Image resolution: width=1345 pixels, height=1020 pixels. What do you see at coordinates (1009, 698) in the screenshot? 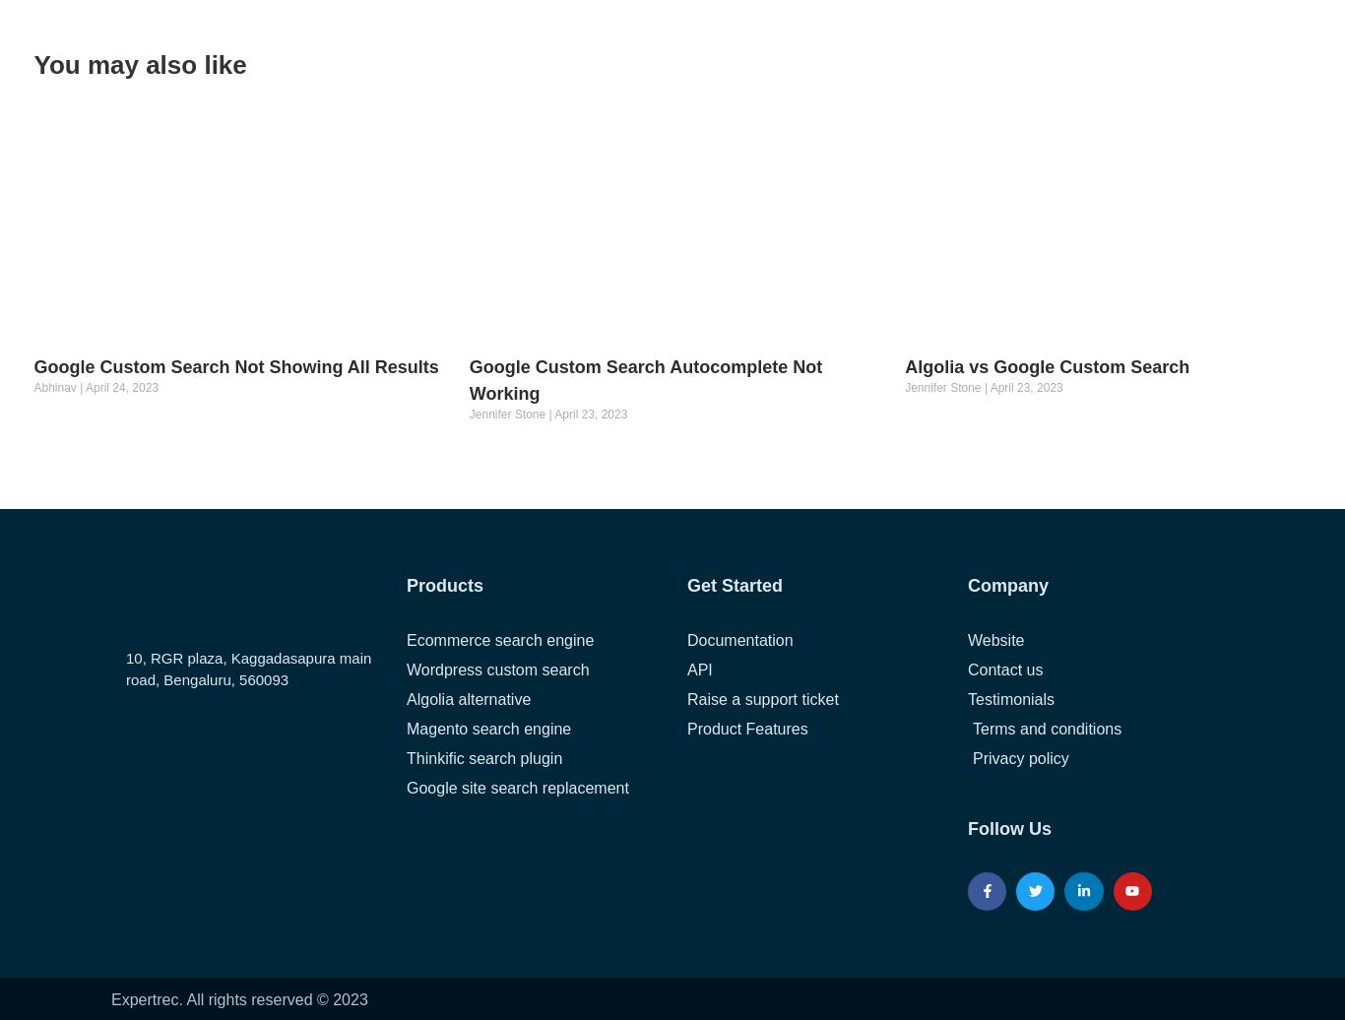
I see `'Testimonials'` at bounding box center [1009, 698].